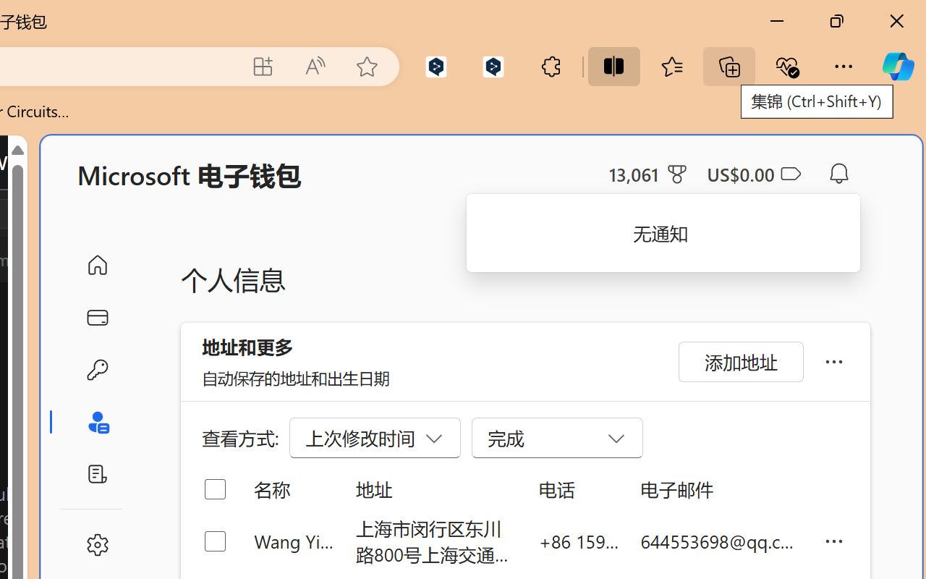  Describe the element at coordinates (752, 173) in the screenshot. I see `'Microsoft Cashback - US$0.00'` at that location.